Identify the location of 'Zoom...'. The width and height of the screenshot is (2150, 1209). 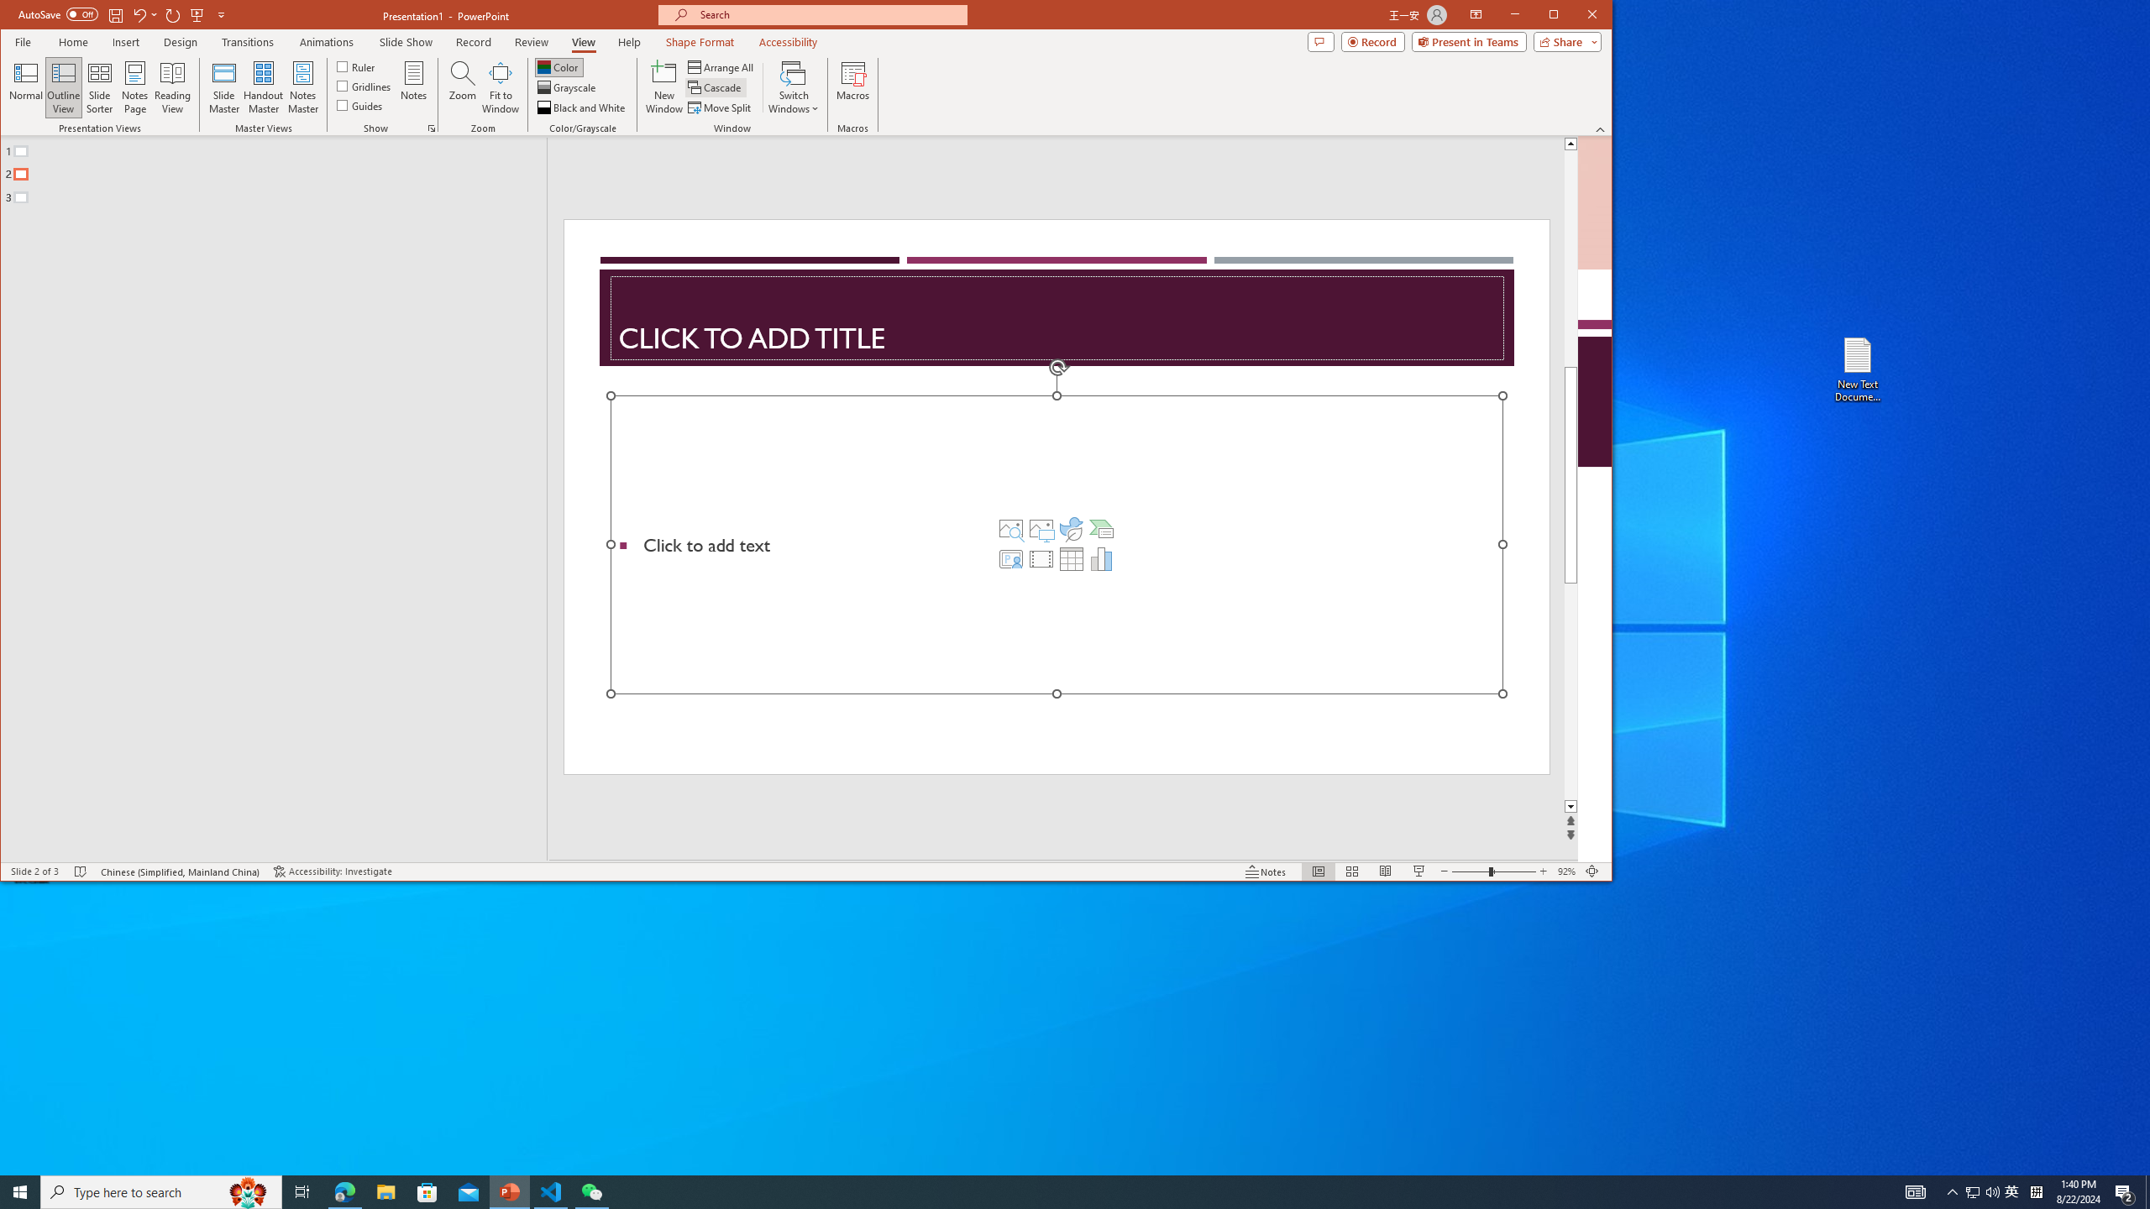
(462, 86).